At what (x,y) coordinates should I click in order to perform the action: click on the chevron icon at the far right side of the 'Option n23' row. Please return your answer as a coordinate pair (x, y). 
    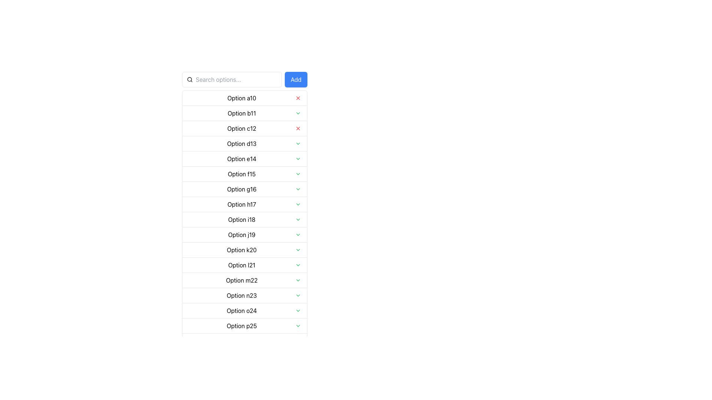
    Looking at the image, I should click on (298, 295).